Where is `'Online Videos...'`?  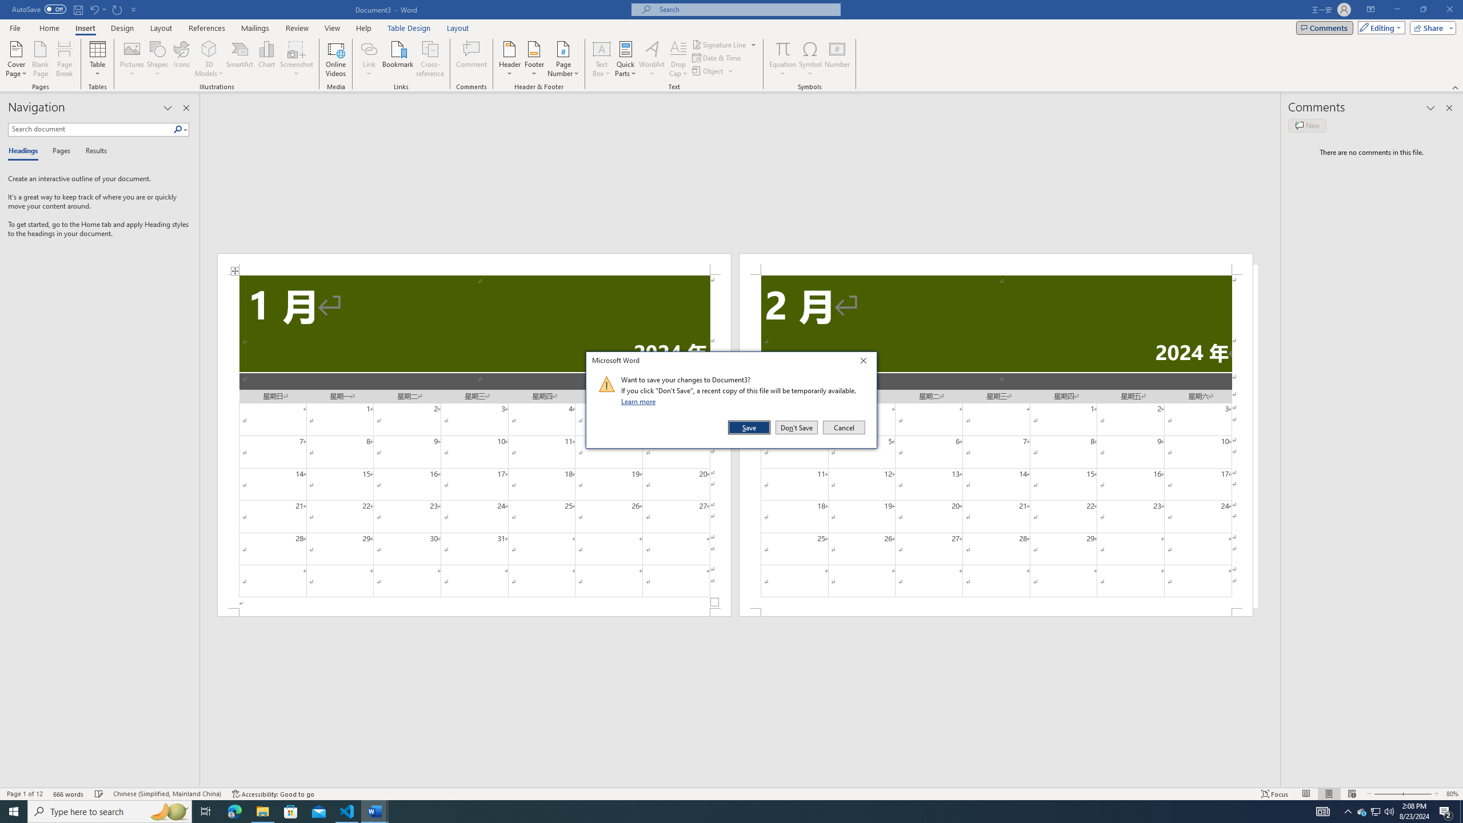 'Online Videos...' is located at coordinates (335, 59).